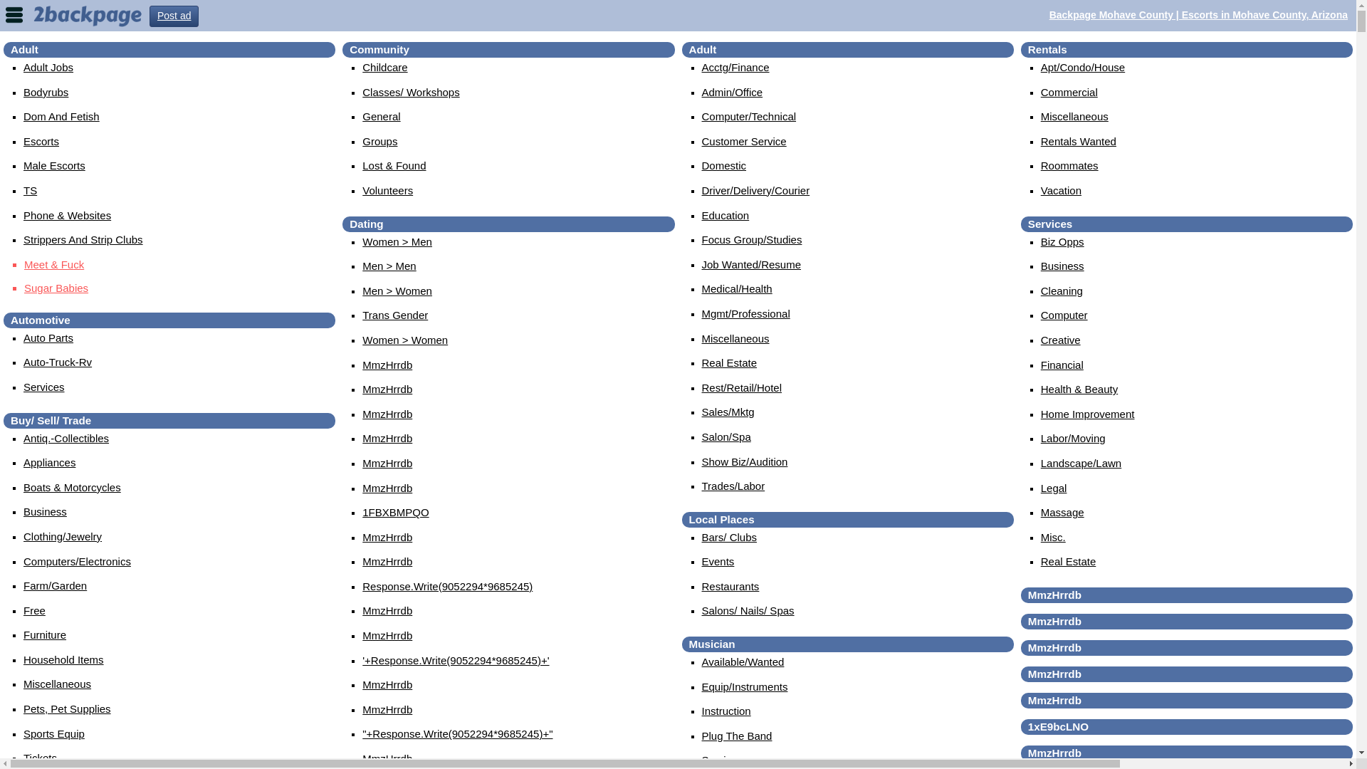 The width and height of the screenshot is (1367, 769). I want to click on 'Farm/Garden', so click(55, 585).